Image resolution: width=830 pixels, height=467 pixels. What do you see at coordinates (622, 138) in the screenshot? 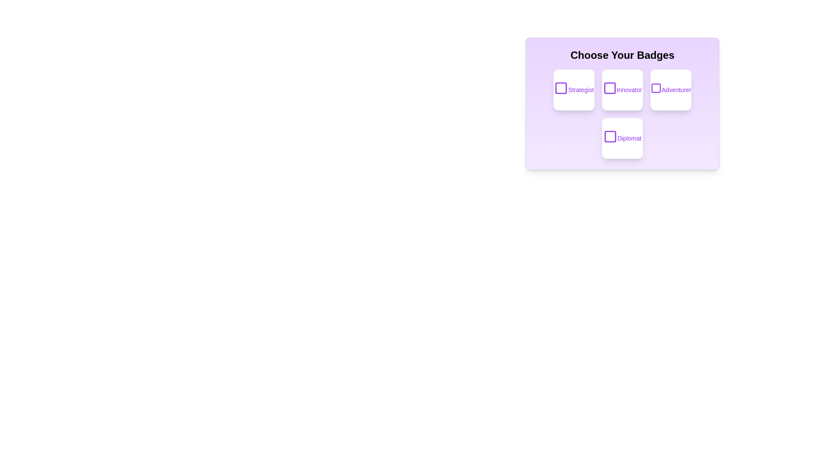
I see `the badge labeled 'Diplomat'` at bounding box center [622, 138].